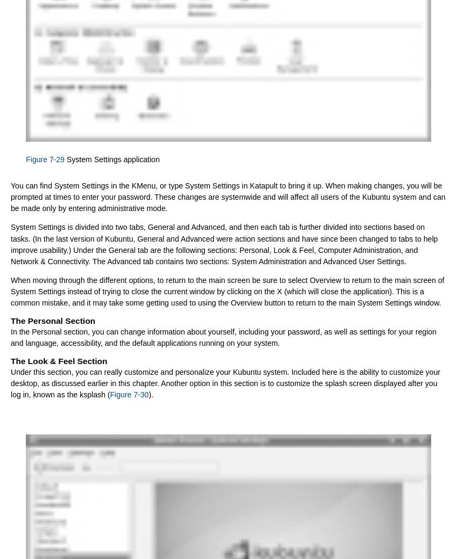 Image resolution: width=457 pixels, height=559 pixels. What do you see at coordinates (52, 321) in the screenshot?
I see `'The Personal Section'` at bounding box center [52, 321].